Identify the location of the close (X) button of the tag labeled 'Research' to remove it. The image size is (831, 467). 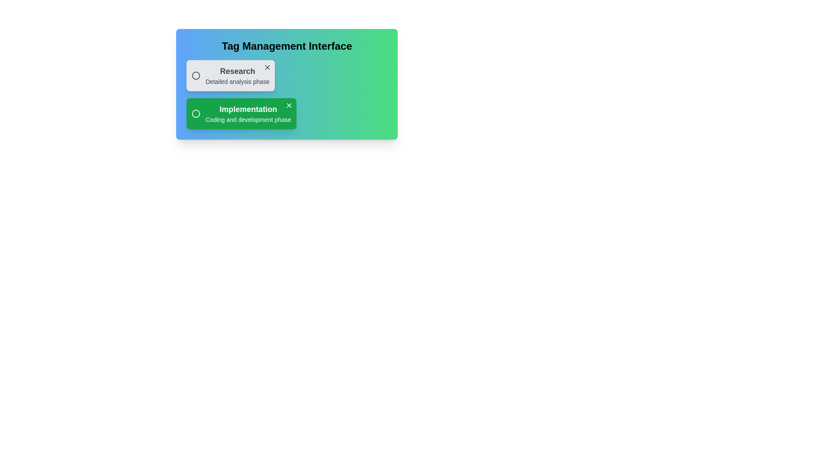
(267, 67).